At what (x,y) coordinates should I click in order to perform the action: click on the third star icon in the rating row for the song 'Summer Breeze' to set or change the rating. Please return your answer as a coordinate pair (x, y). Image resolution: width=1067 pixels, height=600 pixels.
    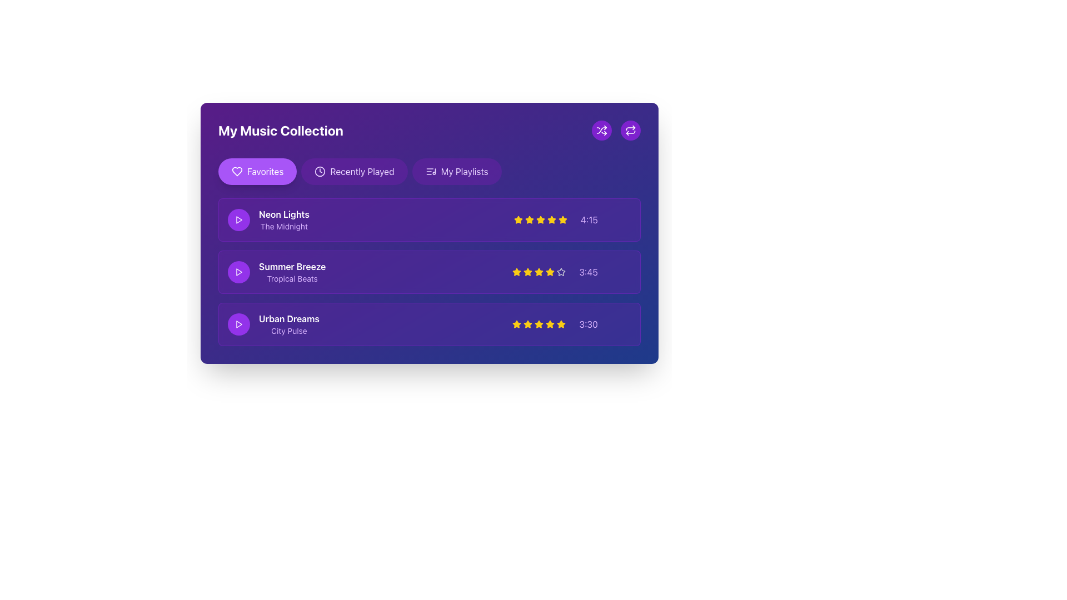
    Looking at the image, I should click on (516, 272).